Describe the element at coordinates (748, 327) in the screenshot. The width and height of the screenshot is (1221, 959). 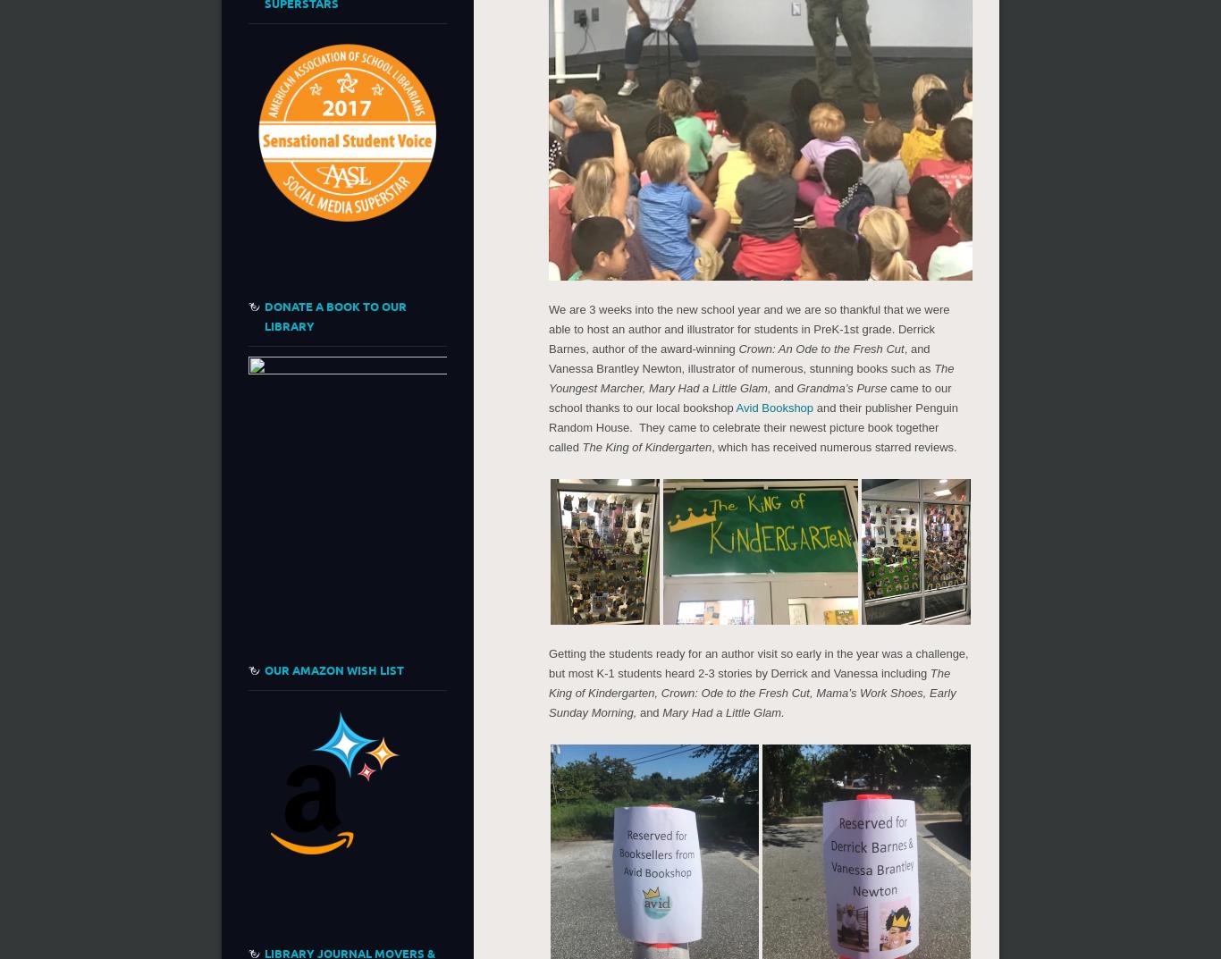
I see `'We are 3 weeks into the new school year and we are so thankful that we were able to host an author and illustrator for students in PreK-1st grade. Derrick Barnes, author of the award-winning'` at that location.